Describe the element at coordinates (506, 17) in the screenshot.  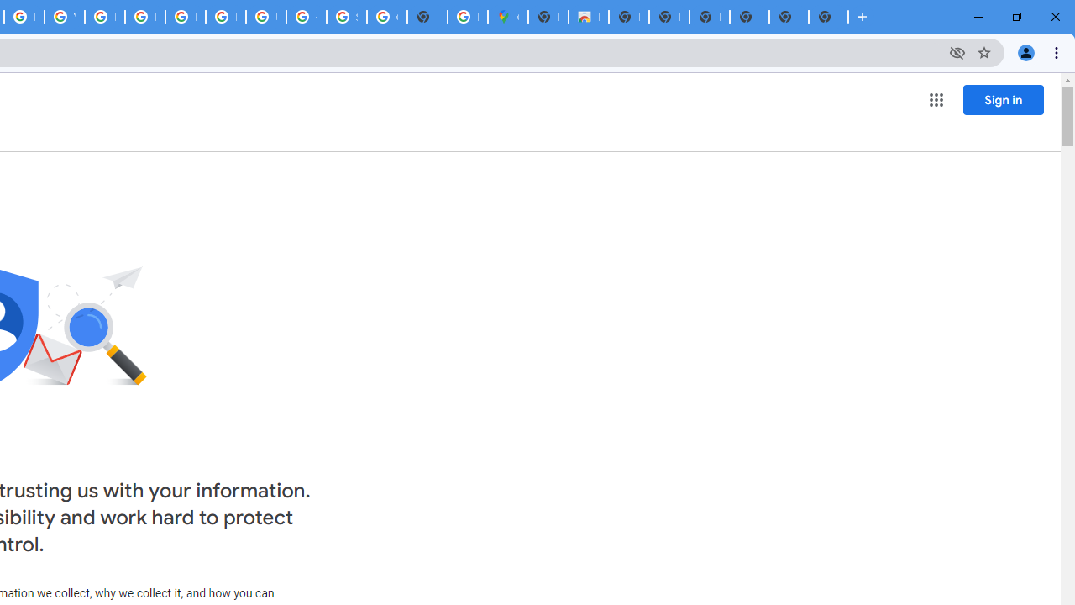
I see `'Google Maps'` at that location.